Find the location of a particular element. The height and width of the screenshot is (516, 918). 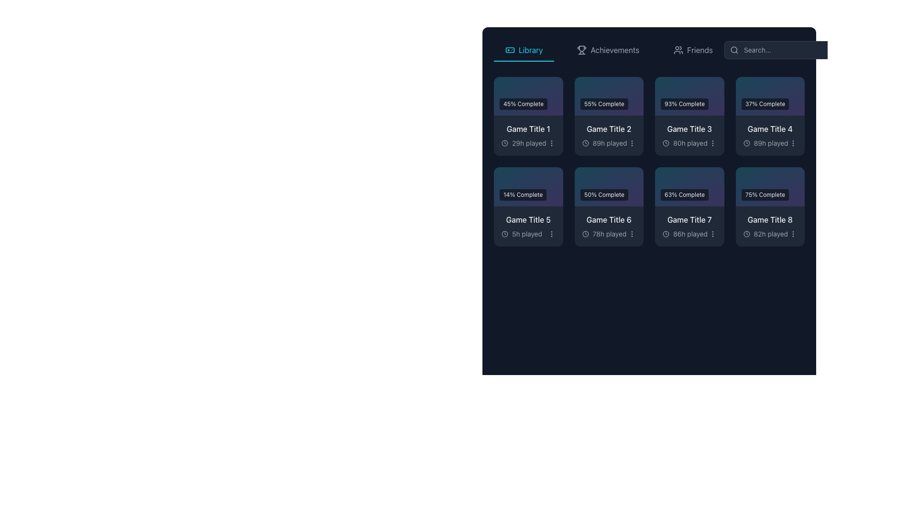

the non-interactive text label titled 'Game Title 6', which is located in the second row and second column of the grid layout is located at coordinates (608, 219).